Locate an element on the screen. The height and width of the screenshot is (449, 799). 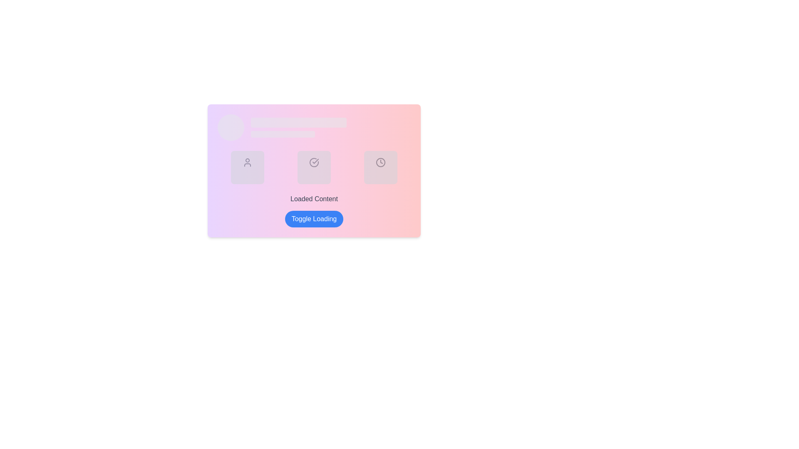
the 'Toggle Loading' button, which is the only interactive button in its section is located at coordinates (313, 219).